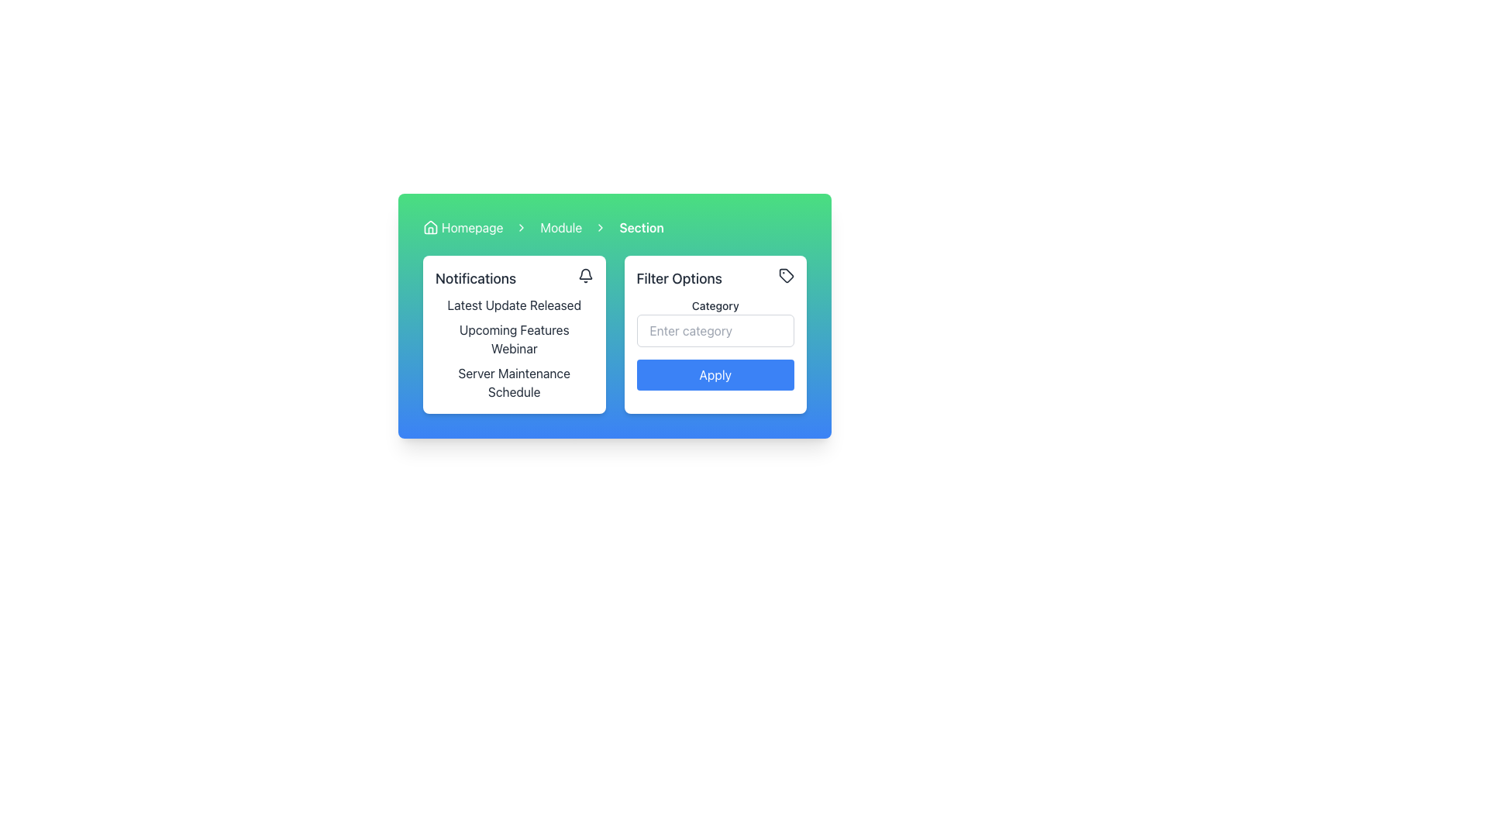  Describe the element at coordinates (514, 382) in the screenshot. I see `the 'Server Maintenance Schedule' text element, which is the last item in the Notifications section, displaying in black font on a white background` at that location.